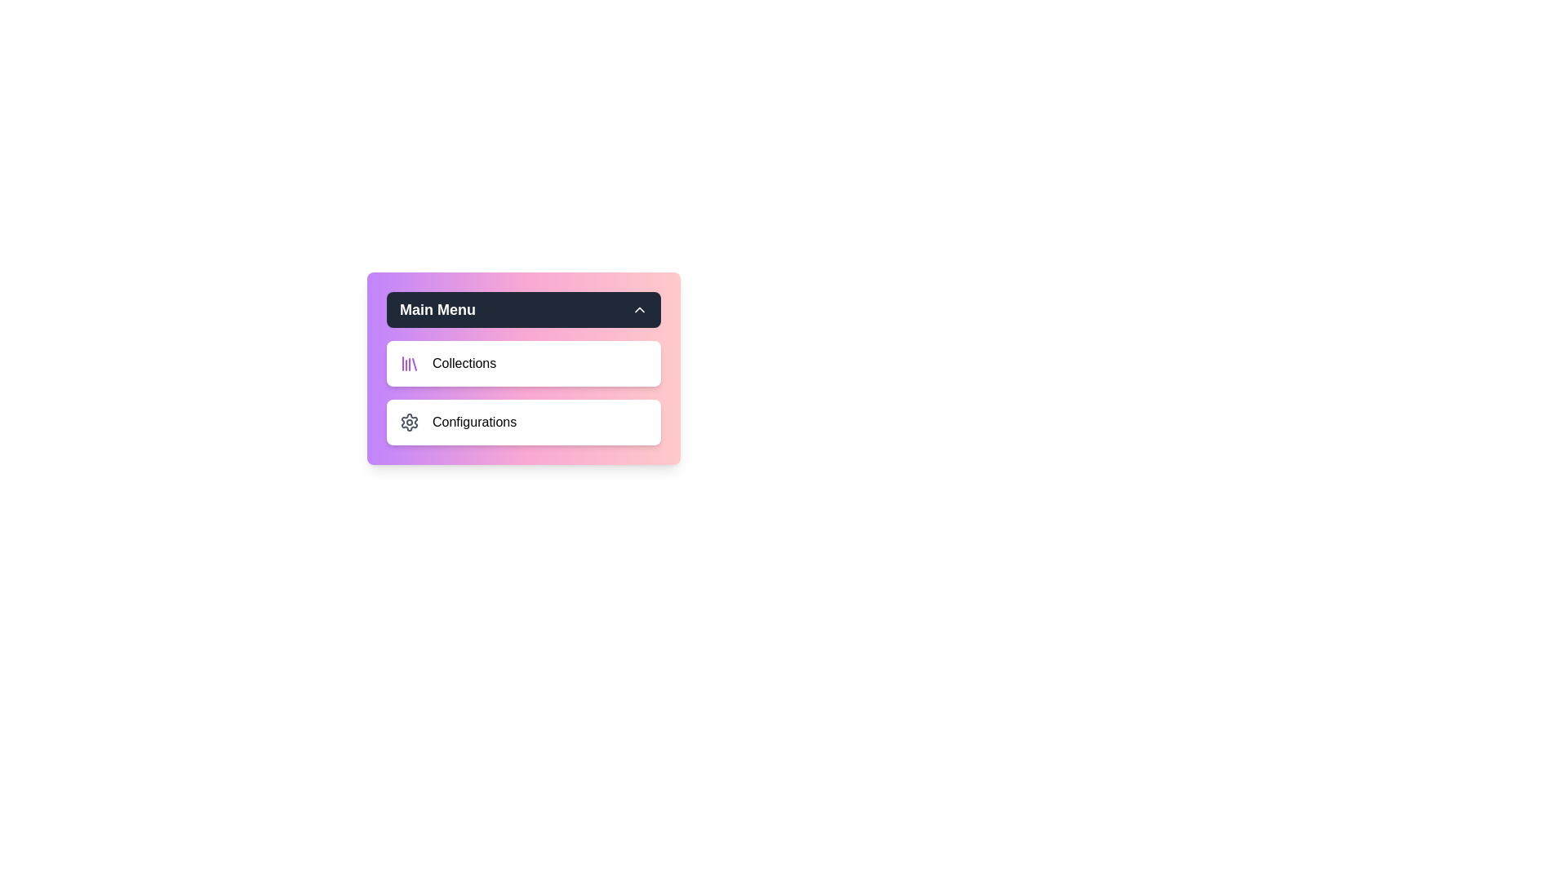 The width and height of the screenshot is (1567, 881). Describe the element at coordinates (638, 310) in the screenshot. I see `the SVG graphic icon with an arrow shape located on the right side of the 'Main Menu' section's header` at that location.